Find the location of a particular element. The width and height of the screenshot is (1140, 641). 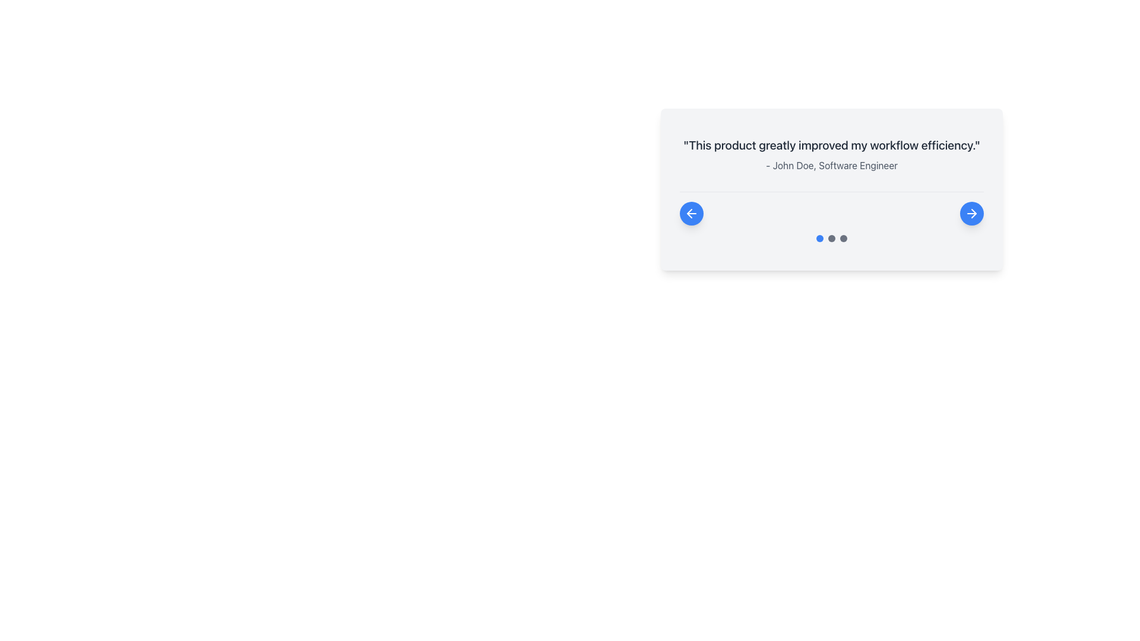

on the third circular Dot indicator, which is styled with a medium gray background and is part of a horizontal row of similar indicators located centrally below text content is located at coordinates (843, 238).